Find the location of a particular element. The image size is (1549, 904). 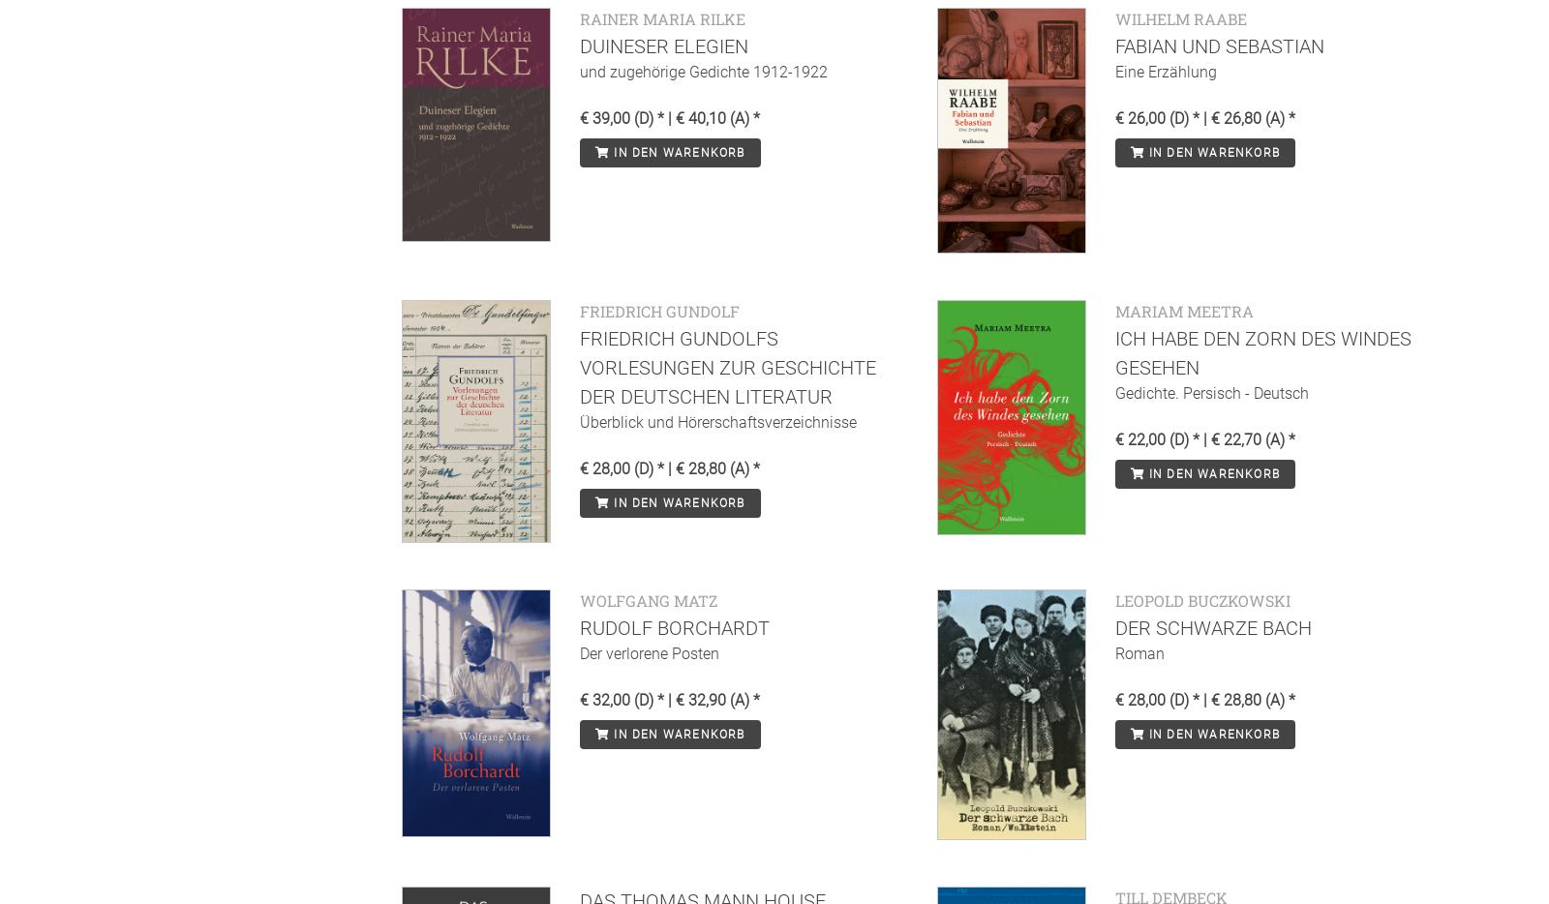

'€ 26,00 (D) * | € 26,80 (A) *' is located at coordinates (1203, 116).